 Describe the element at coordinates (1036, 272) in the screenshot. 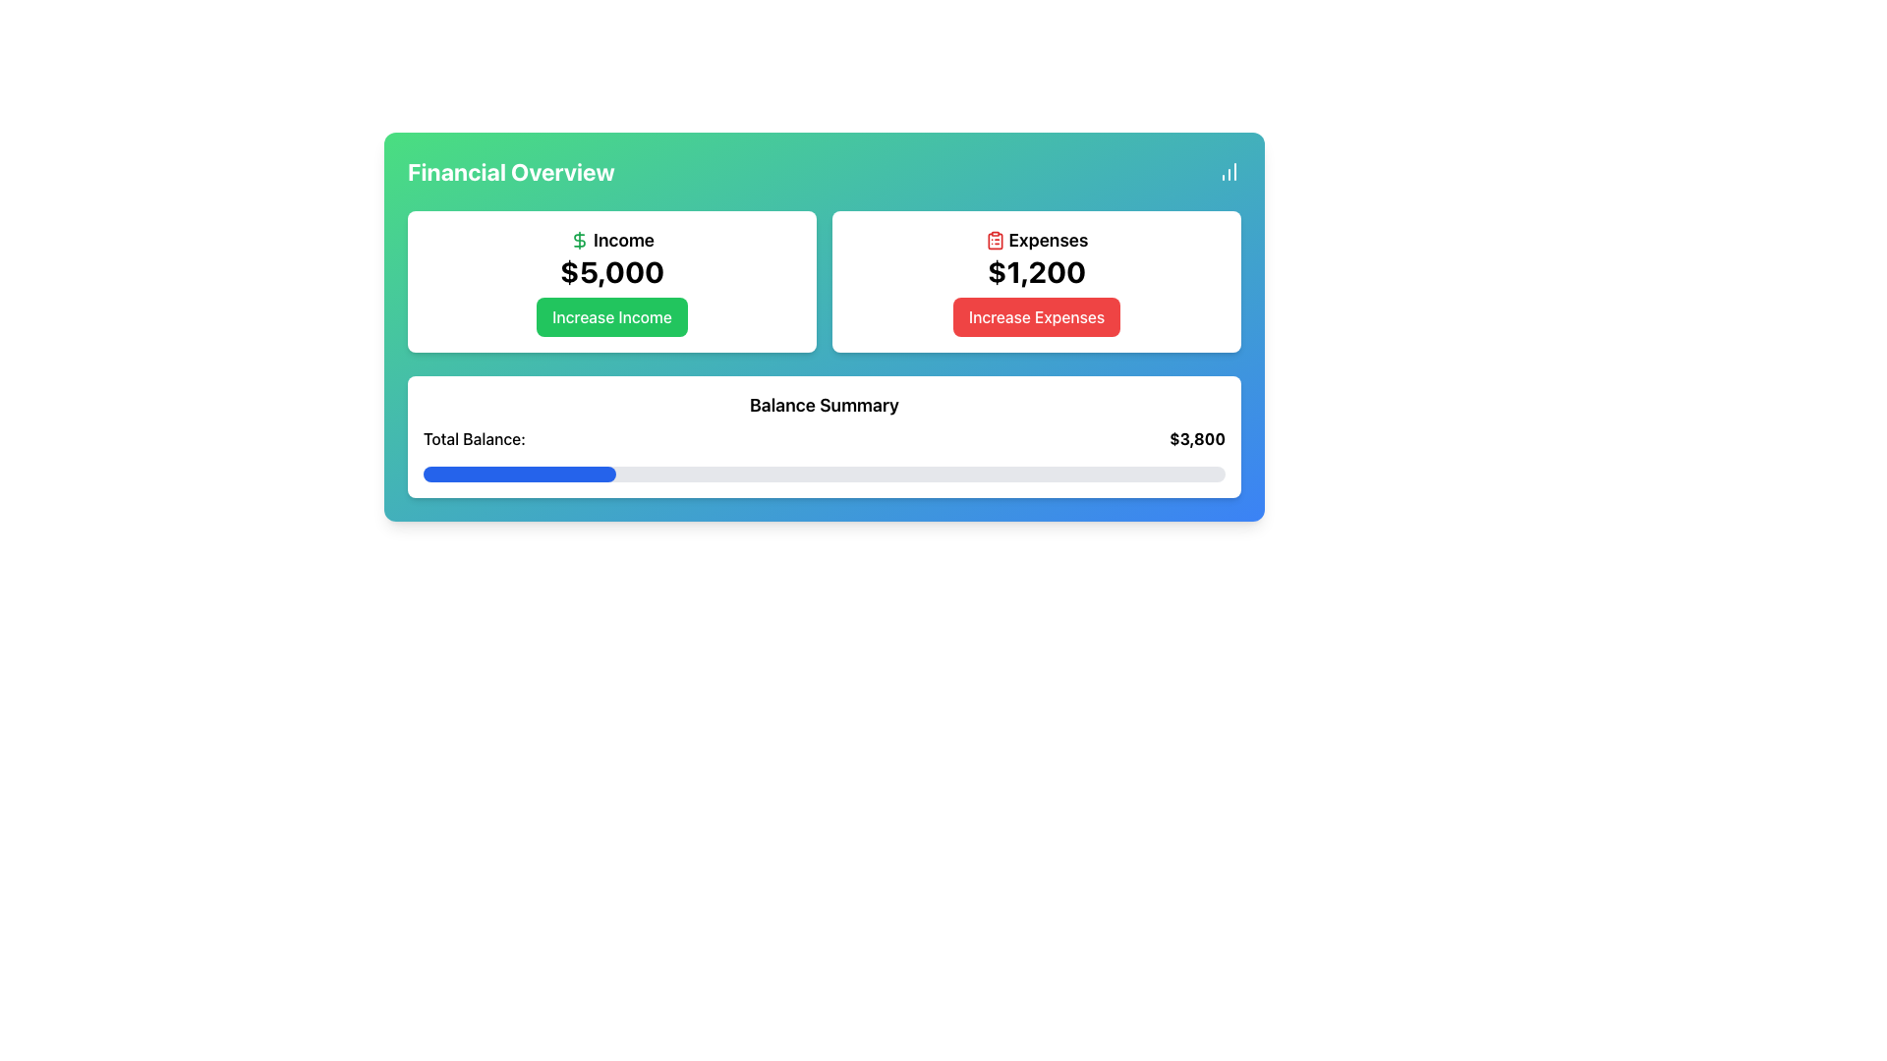

I see `value displayed in the large, bold text label showing '$1,200' located beneath the 'Expenses' label and icon within the 'Financial Overview' section` at that location.